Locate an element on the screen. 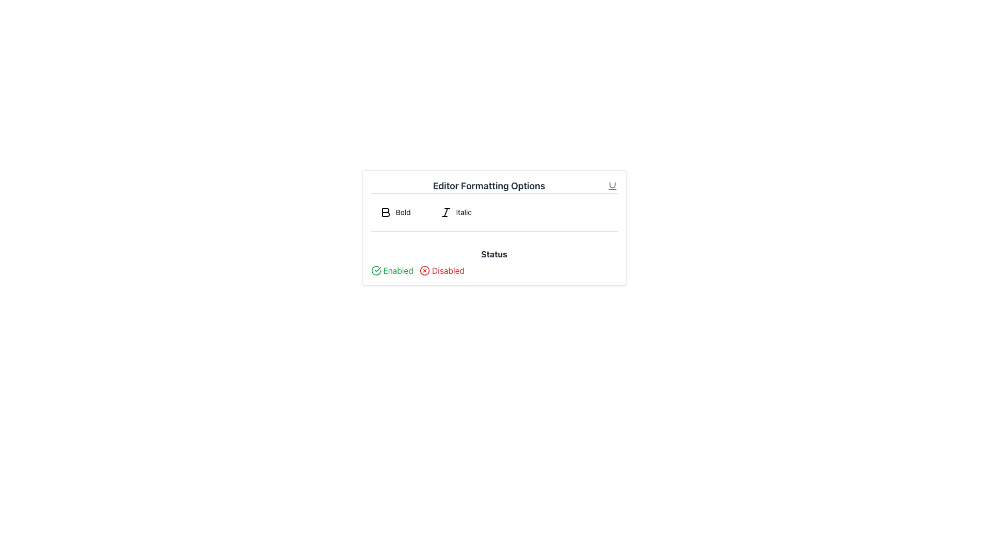 Image resolution: width=990 pixels, height=557 pixels. the 'Bold' button, which is a rectangular button with a bold 'B' icon and the label 'Bold' is located at coordinates (394, 212).